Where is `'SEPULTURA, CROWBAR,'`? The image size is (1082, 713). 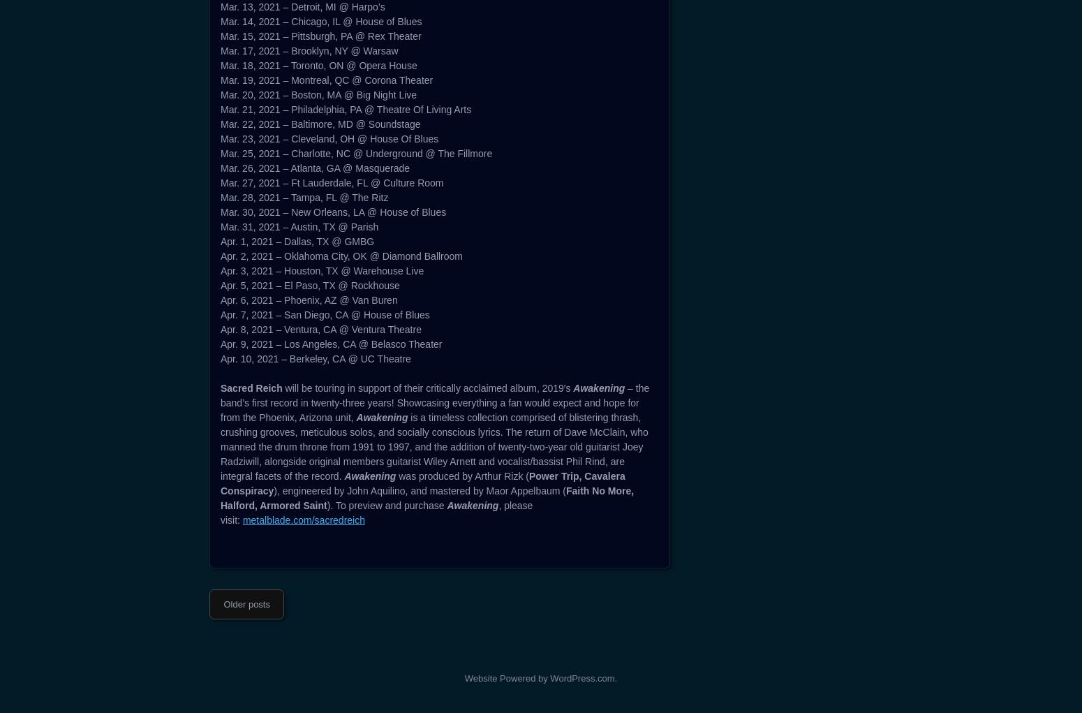
'SEPULTURA, CROWBAR,' is located at coordinates (220, 149).